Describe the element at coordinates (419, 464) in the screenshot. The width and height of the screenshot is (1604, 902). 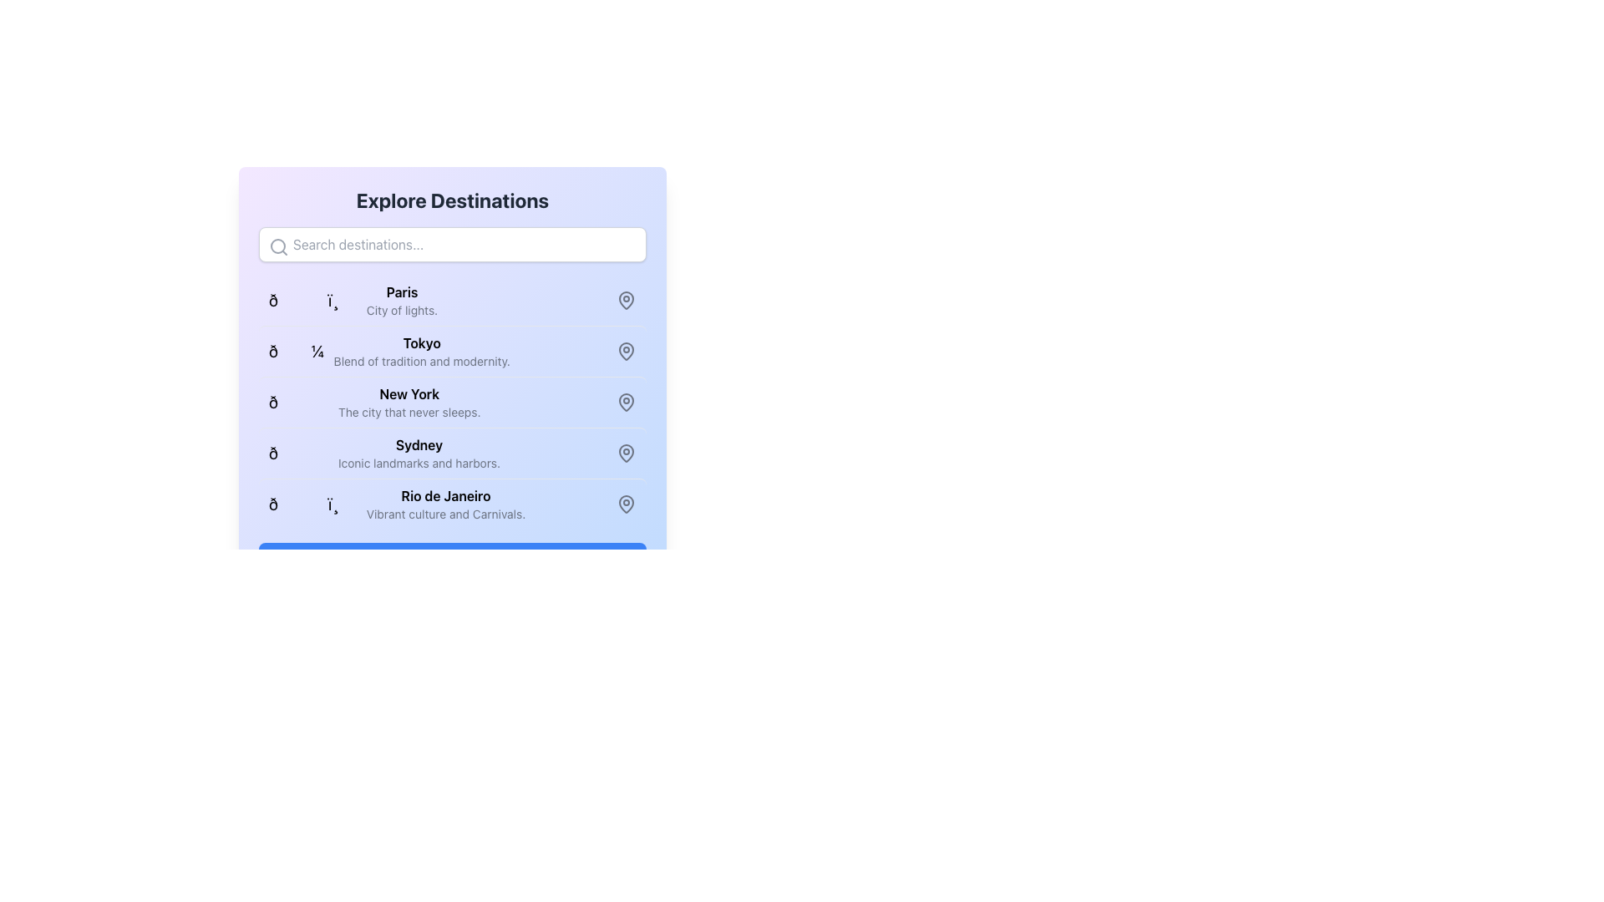
I see `the descriptive text element that reads 'Iconic landmarks and harbors.' styled in subtle gray, positioned below the title 'Sydney' in the list layout` at that location.